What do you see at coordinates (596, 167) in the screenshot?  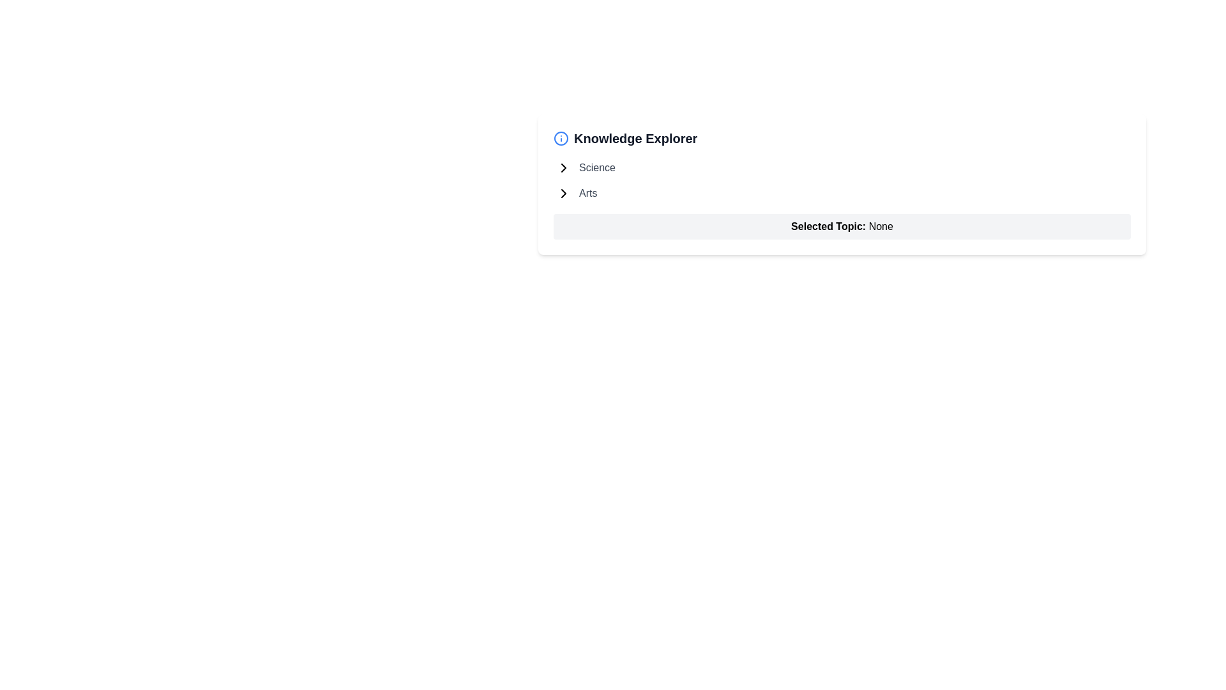 I see `the 'Science' text link` at bounding box center [596, 167].